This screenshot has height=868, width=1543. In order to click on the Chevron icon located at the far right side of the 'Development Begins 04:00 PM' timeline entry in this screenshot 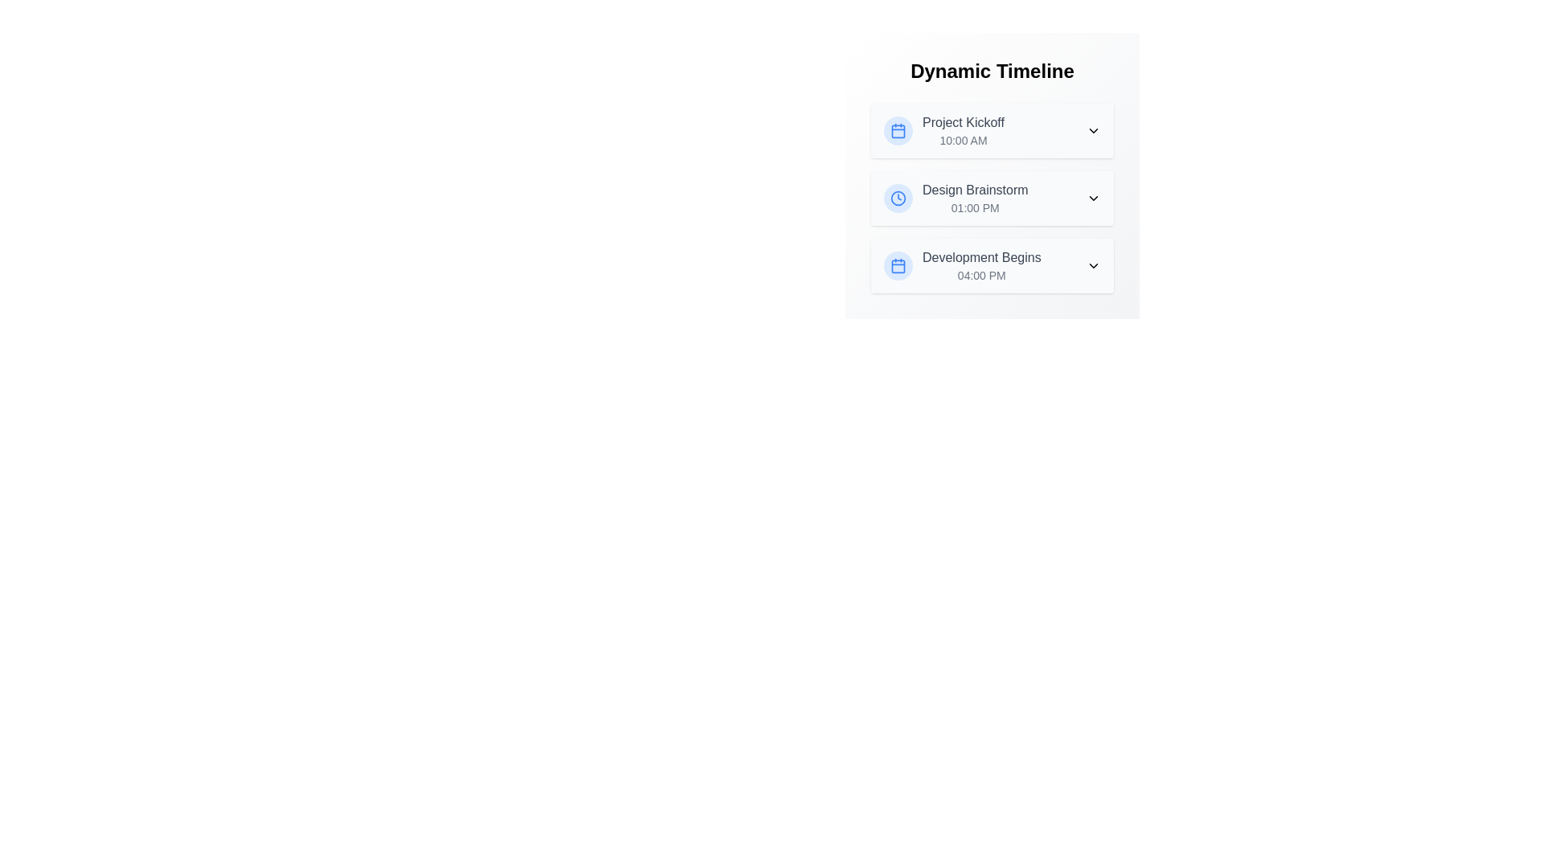, I will do `click(1093, 265)`.